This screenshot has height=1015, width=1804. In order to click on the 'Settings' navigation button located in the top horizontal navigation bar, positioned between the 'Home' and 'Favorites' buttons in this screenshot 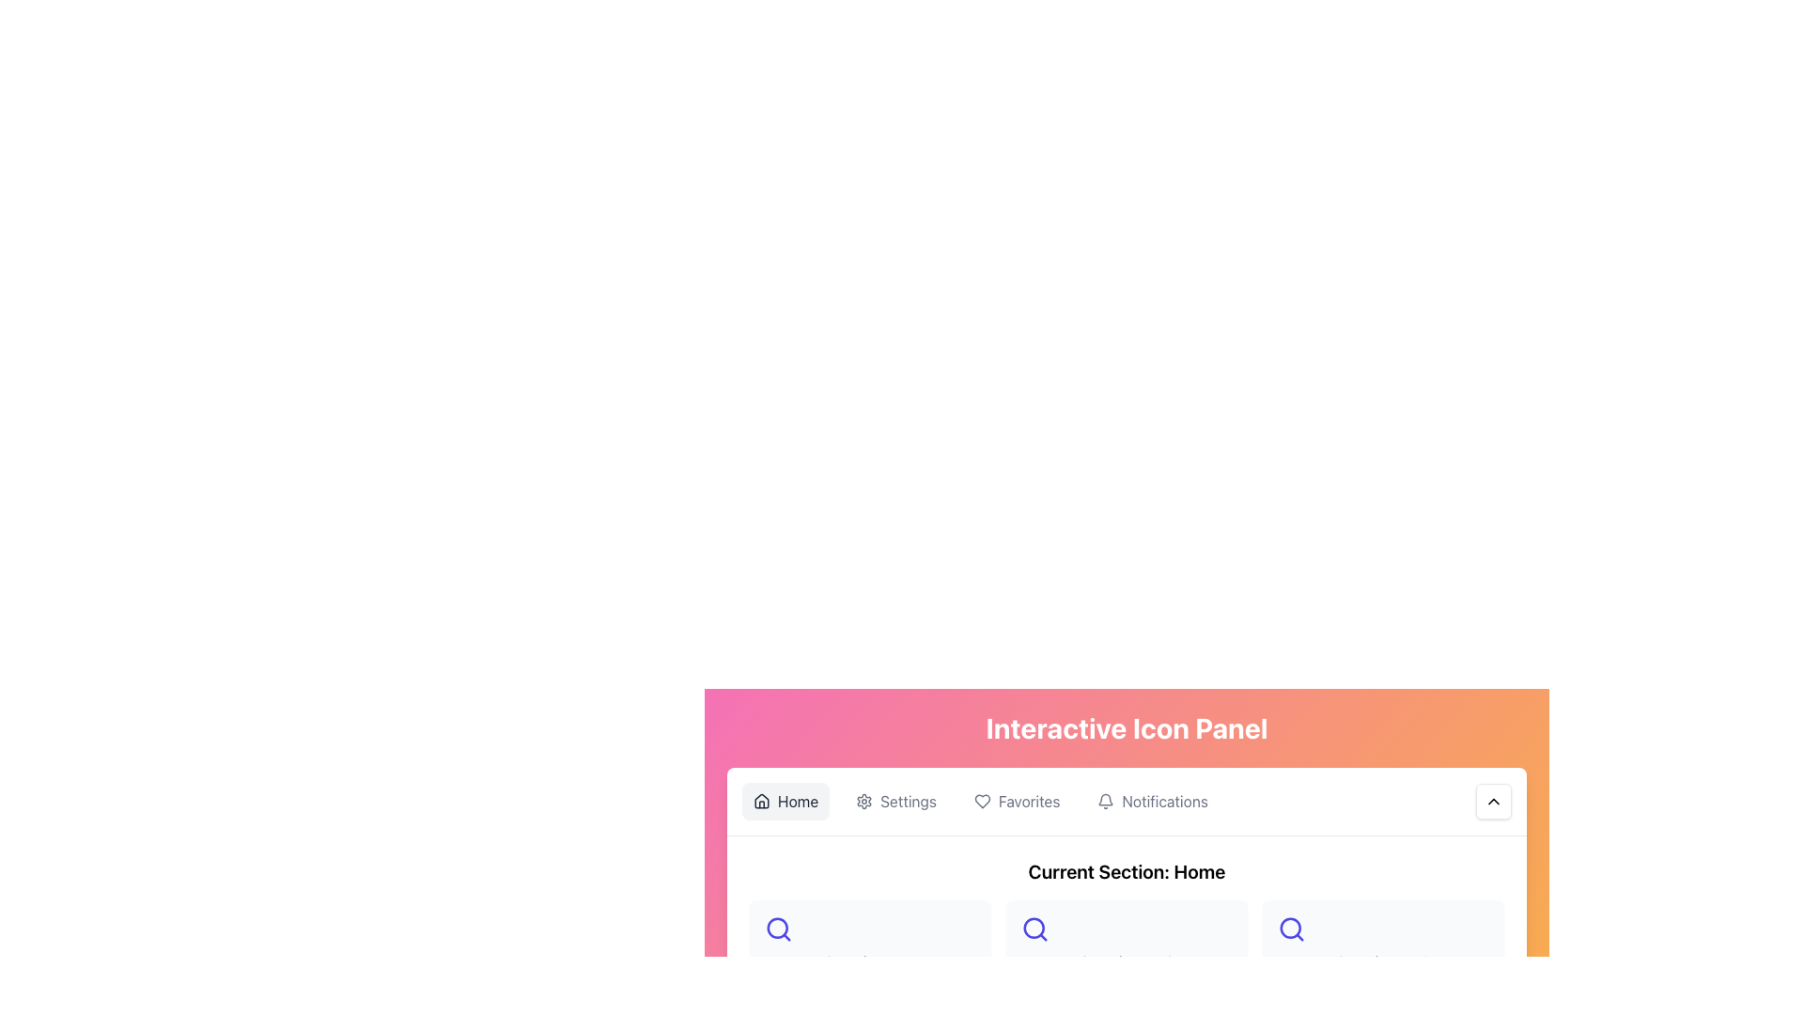, I will do `click(895, 801)`.